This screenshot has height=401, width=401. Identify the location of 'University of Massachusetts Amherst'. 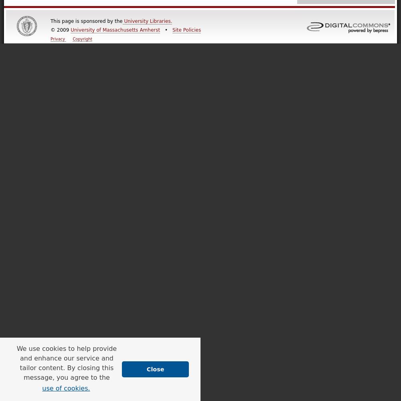
(115, 30).